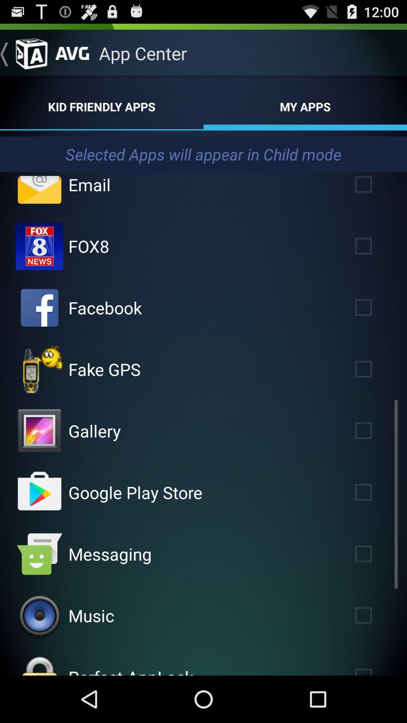 This screenshot has width=407, height=723. What do you see at coordinates (91, 615) in the screenshot?
I see `music app` at bounding box center [91, 615].